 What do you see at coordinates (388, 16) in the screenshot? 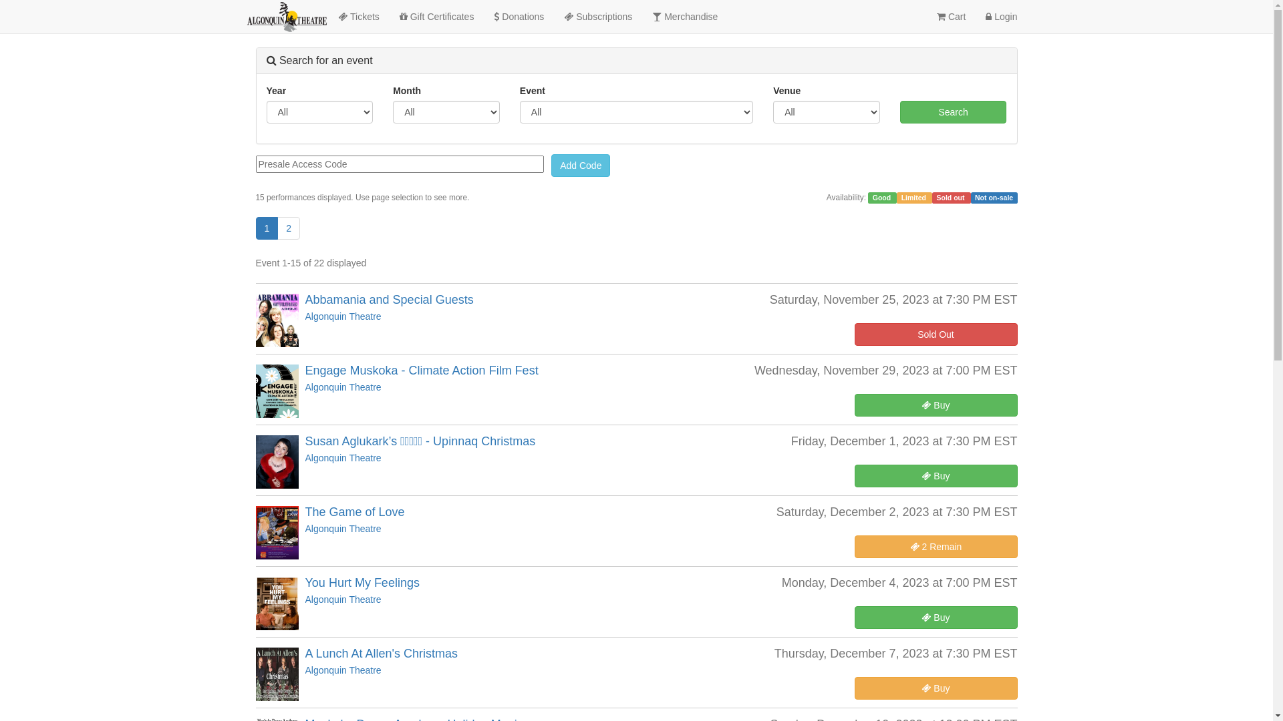
I see `'Gift Certificates'` at bounding box center [388, 16].